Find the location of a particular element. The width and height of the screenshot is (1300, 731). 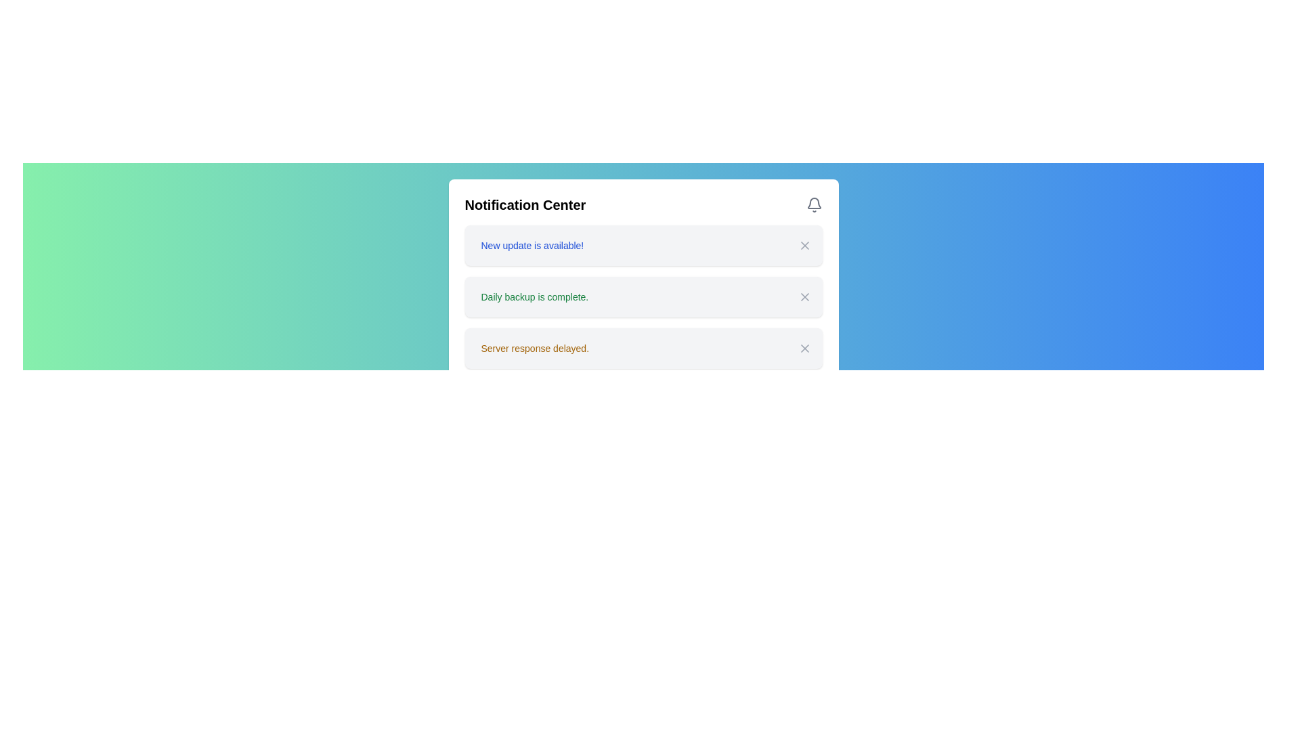

the second notification banner which states 'Daily backup is complete.' with a green background in the Notification Center panel is located at coordinates (534, 296).